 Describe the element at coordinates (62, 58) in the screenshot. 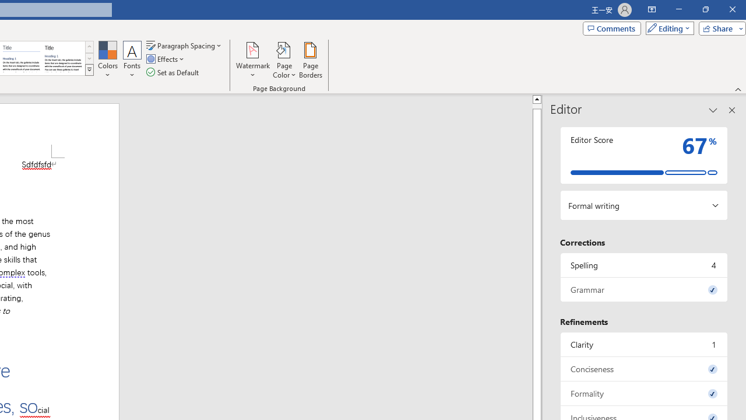

I see `'Word 2013'` at that location.